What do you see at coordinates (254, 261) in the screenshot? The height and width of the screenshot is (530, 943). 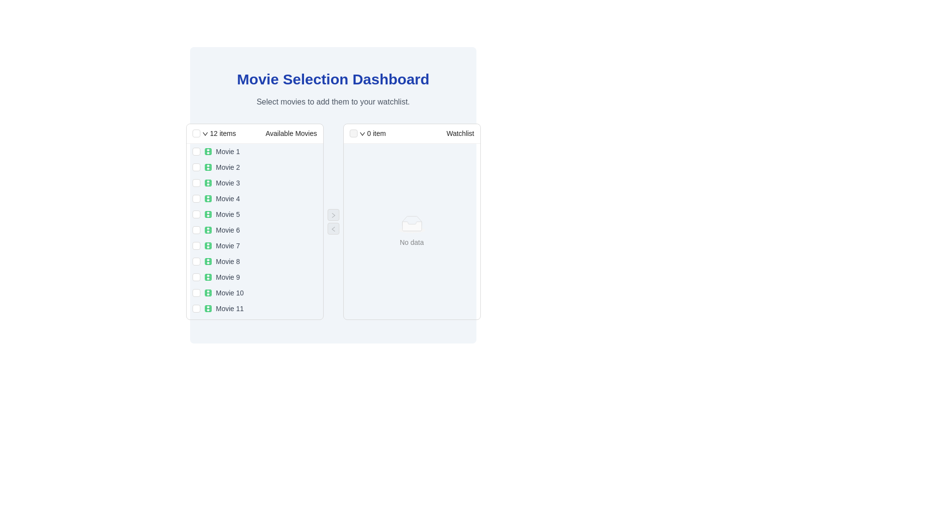 I see `the 'Movie 8' item in the 'Available Movies' list on the left side of the interface` at bounding box center [254, 261].